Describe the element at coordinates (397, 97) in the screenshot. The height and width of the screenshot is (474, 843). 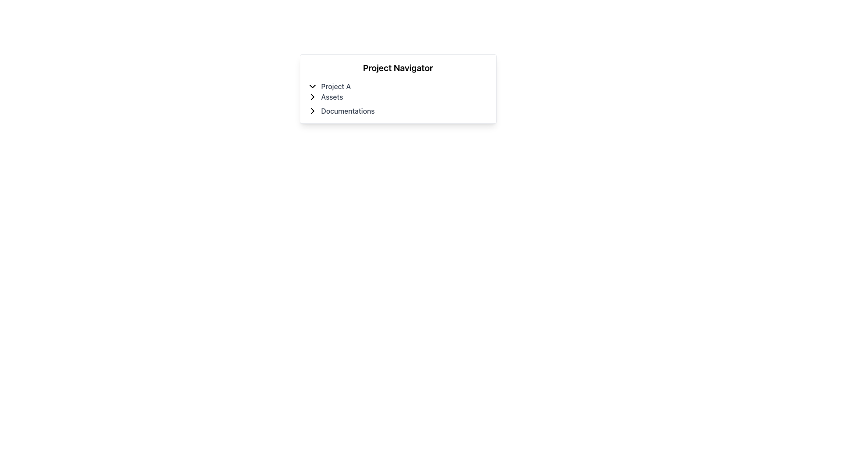
I see `the 'Assets' expandable menu item located under 'Project A'` at that location.